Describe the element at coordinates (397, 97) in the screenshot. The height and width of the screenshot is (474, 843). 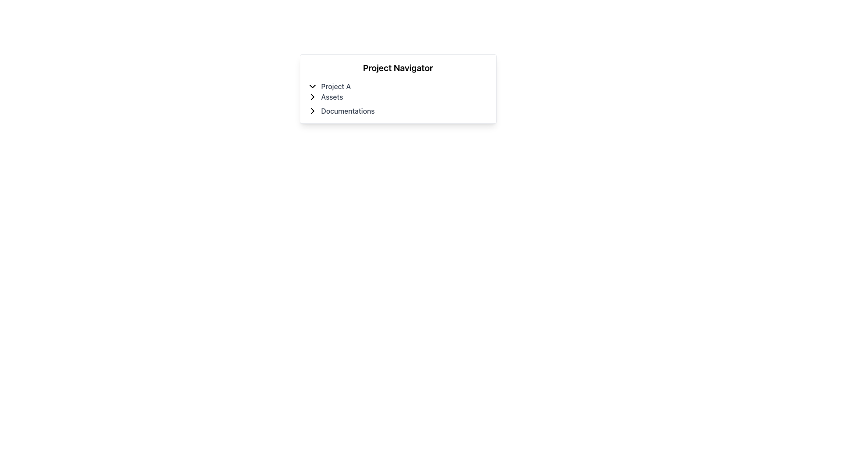
I see `the 'Assets' expandable menu item located under 'Project A'` at that location.